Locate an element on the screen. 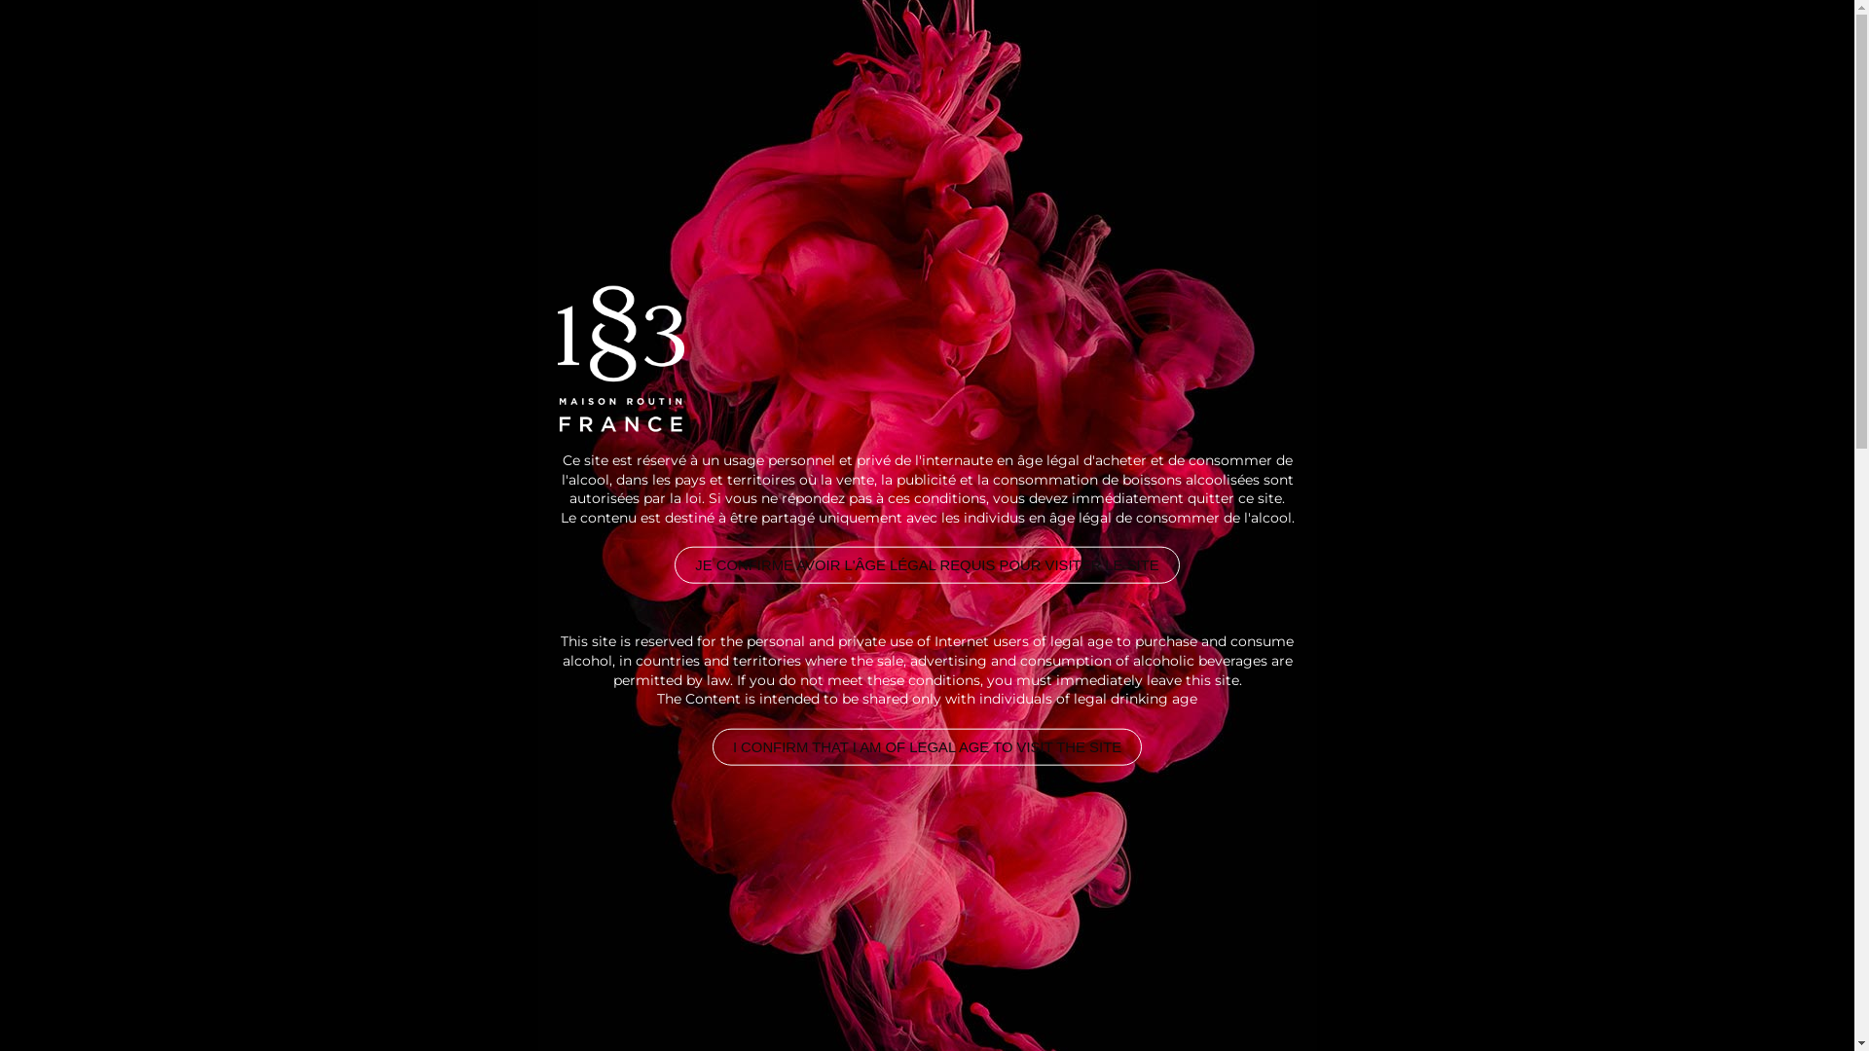 This screenshot has width=1869, height=1051. 'EN' is located at coordinates (1606, 78).